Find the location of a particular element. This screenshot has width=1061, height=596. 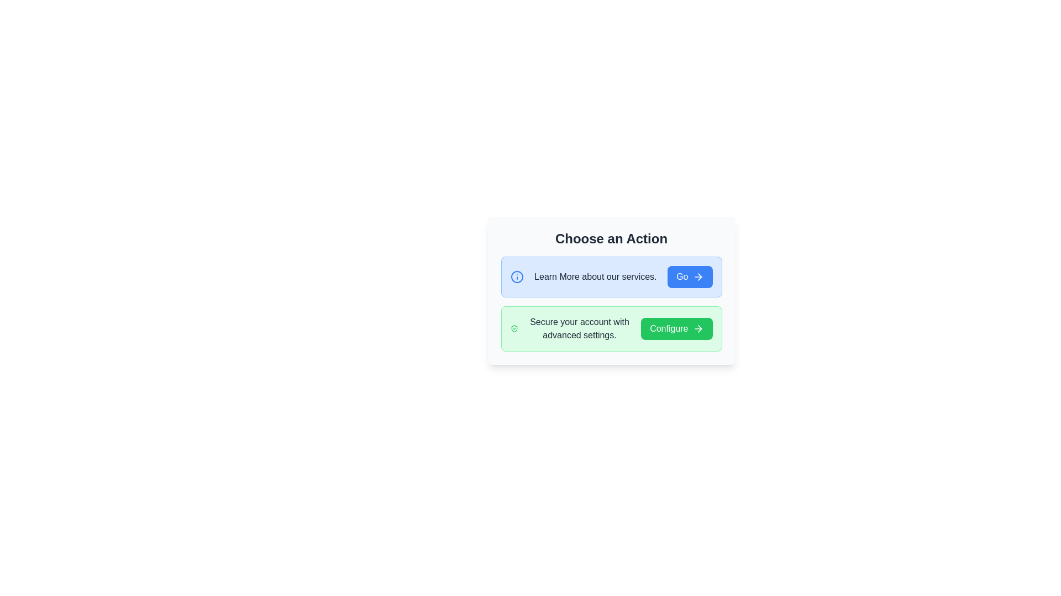

one of the interactive buttons in the centered card component that serves as a selection interface for navigating to different actions is located at coordinates (611, 290).